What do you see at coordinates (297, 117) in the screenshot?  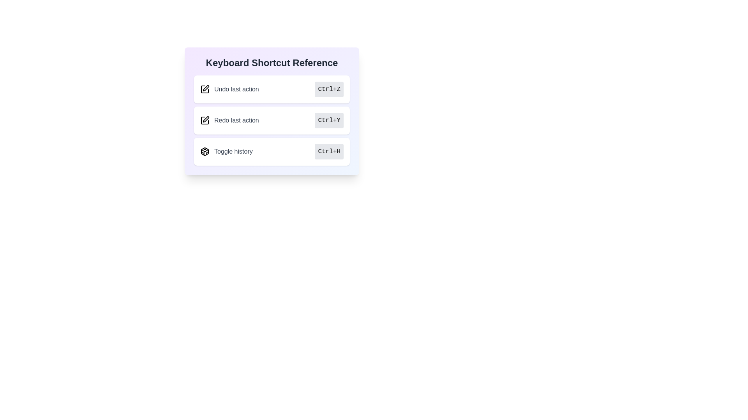 I see `the 'Redo last action' information item in the Keyboard Shortcut Reference list, which indicates the shortcut key combination 'Ctrl+Y'` at bounding box center [297, 117].